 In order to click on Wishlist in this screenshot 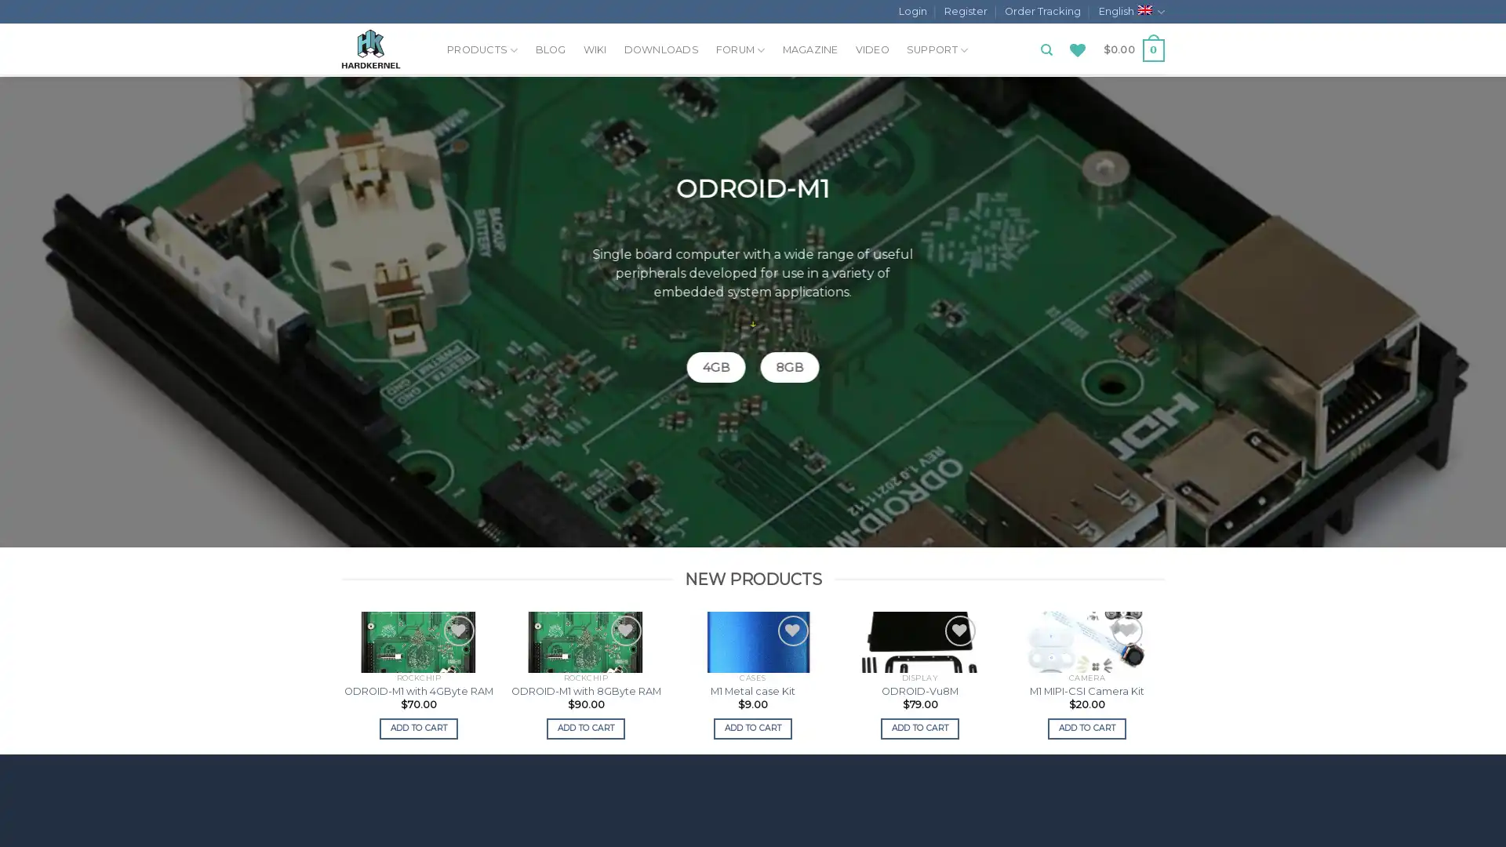, I will do `click(457, 630)`.